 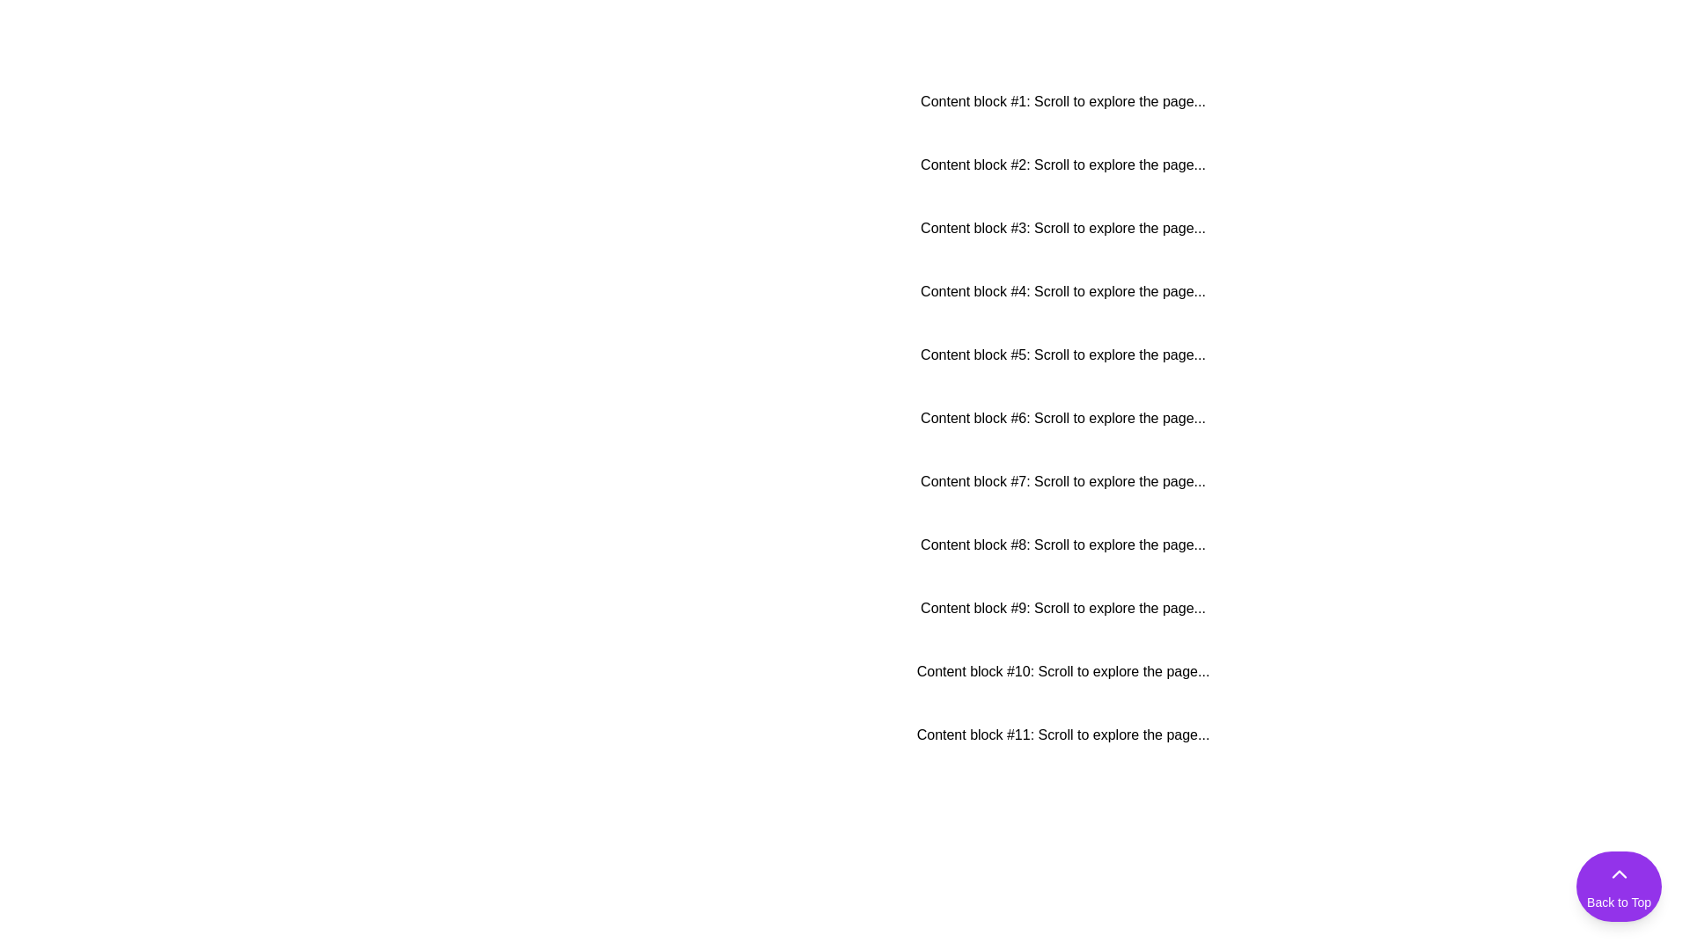 What do you see at coordinates (1062, 607) in the screenshot?
I see `the text content block that reads 'Content block #9: Scroll` at bounding box center [1062, 607].